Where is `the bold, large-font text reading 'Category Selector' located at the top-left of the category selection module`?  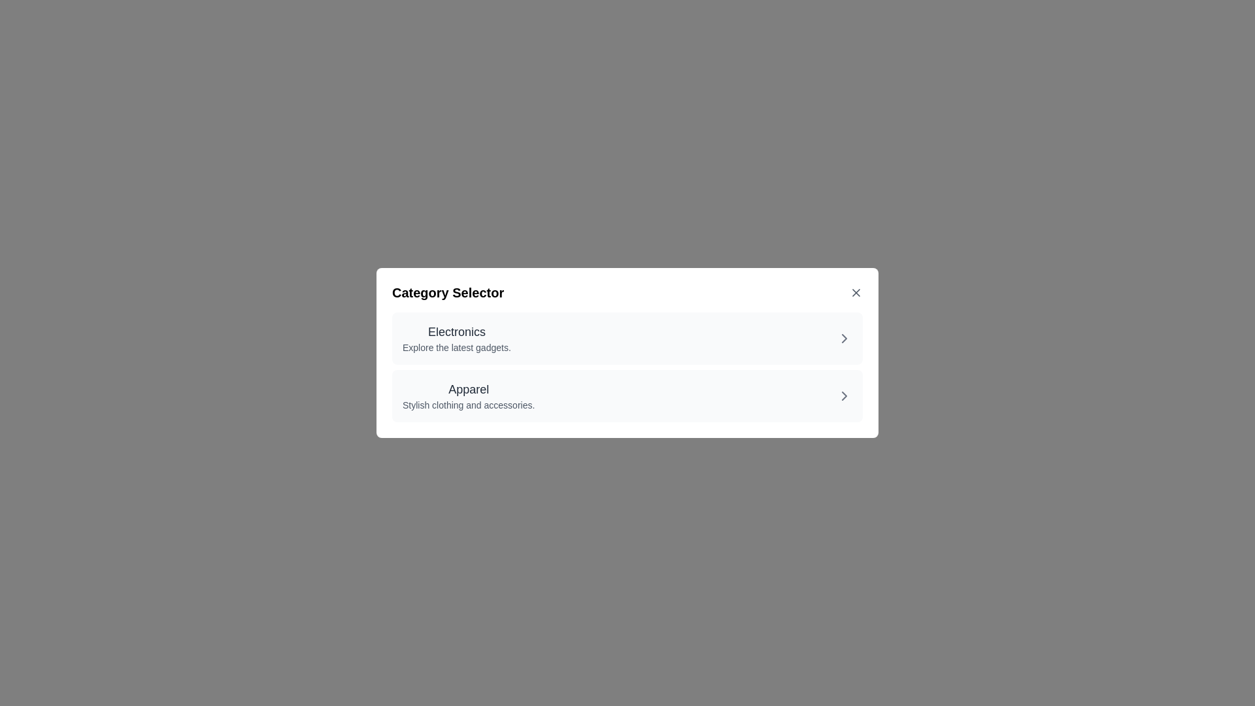 the bold, large-font text reading 'Category Selector' located at the top-left of the category selection module is located at coordinates (448, 292).